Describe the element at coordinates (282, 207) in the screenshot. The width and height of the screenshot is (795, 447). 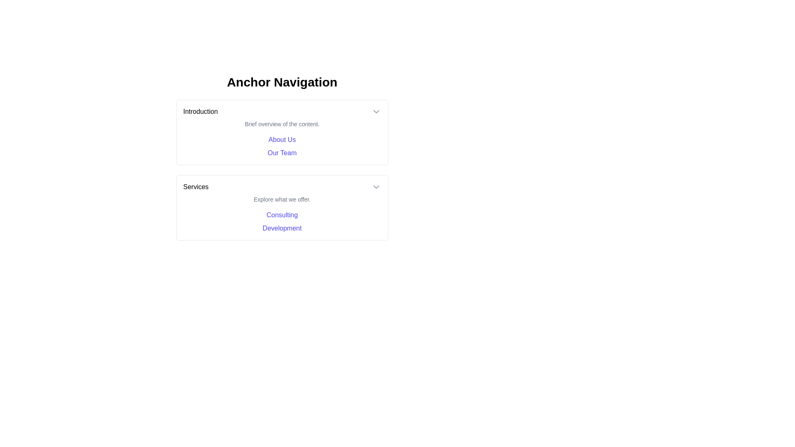
I see `the links 'Consulting' and 'Development' in the second collapsible section under 'Anchor Navigation'` at that location.